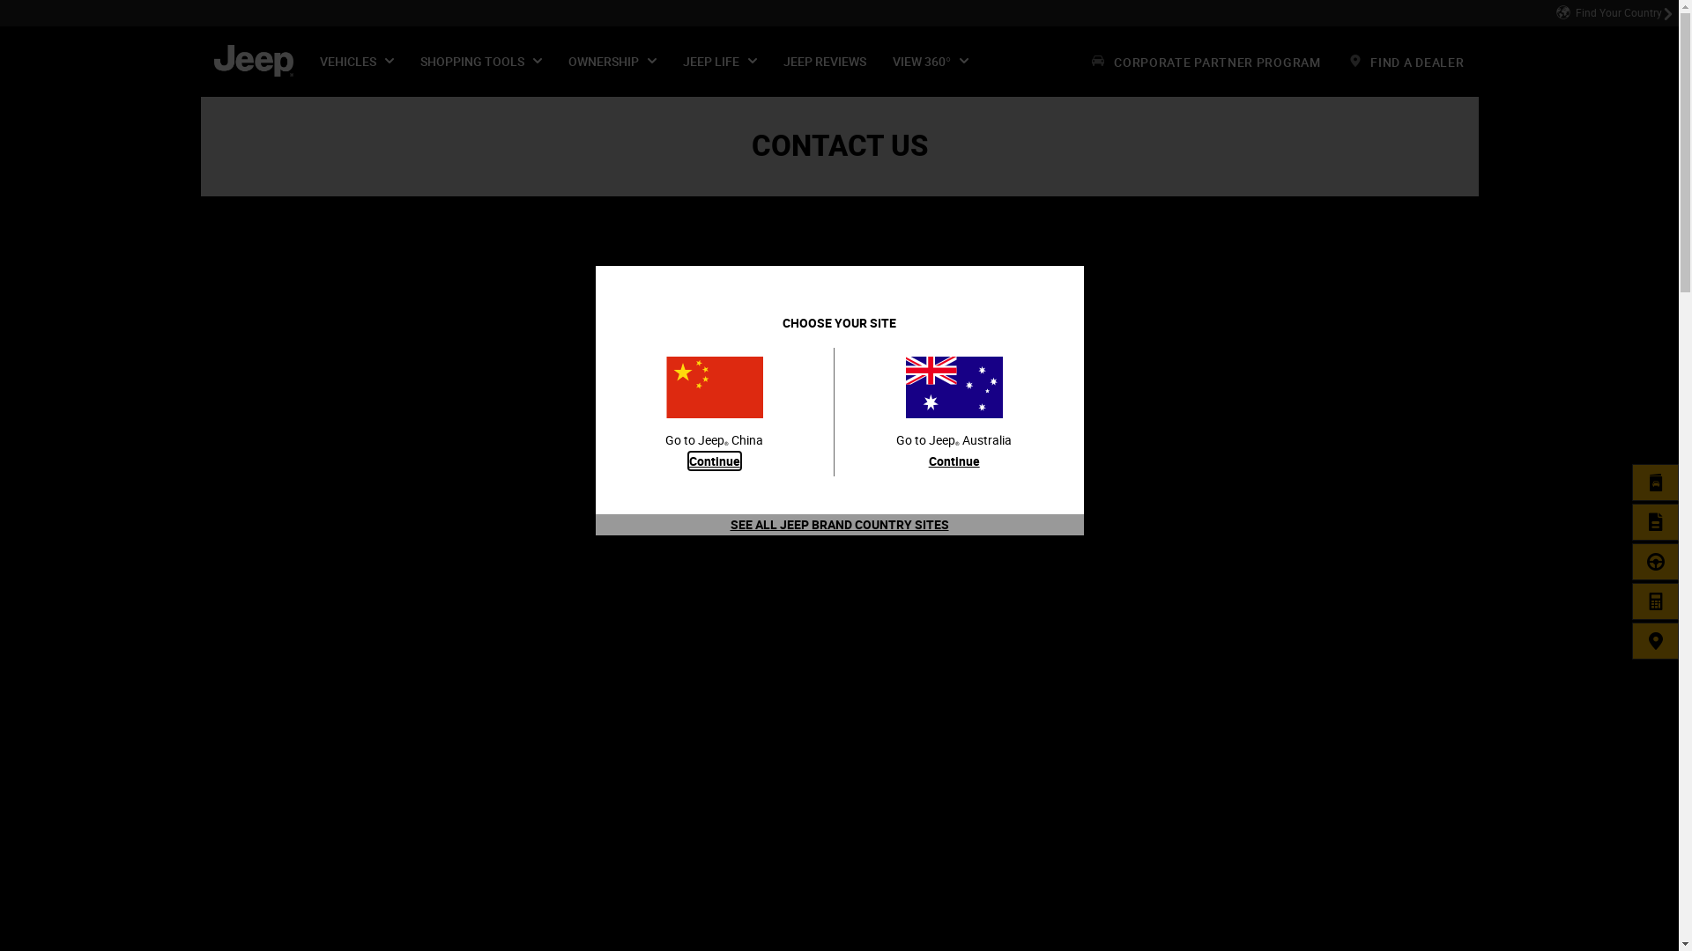 The height and width of the screenshot is (951, 1692). What do you see at coordinates (355, 60) in the screenshot?
I see `'VEHICLES'` at bounding box center [355, 60].